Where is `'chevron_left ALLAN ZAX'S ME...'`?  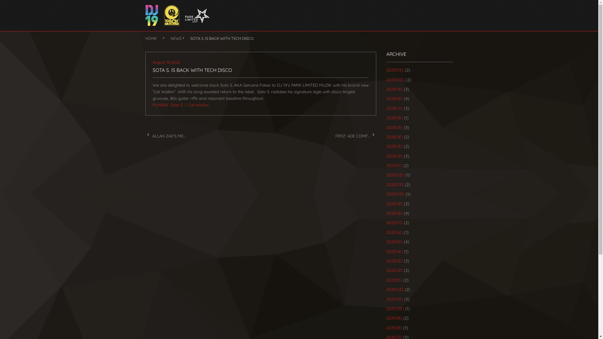 'chevron_left ALLAN ZAX'S ME...' is located at coordinates (165, 135).